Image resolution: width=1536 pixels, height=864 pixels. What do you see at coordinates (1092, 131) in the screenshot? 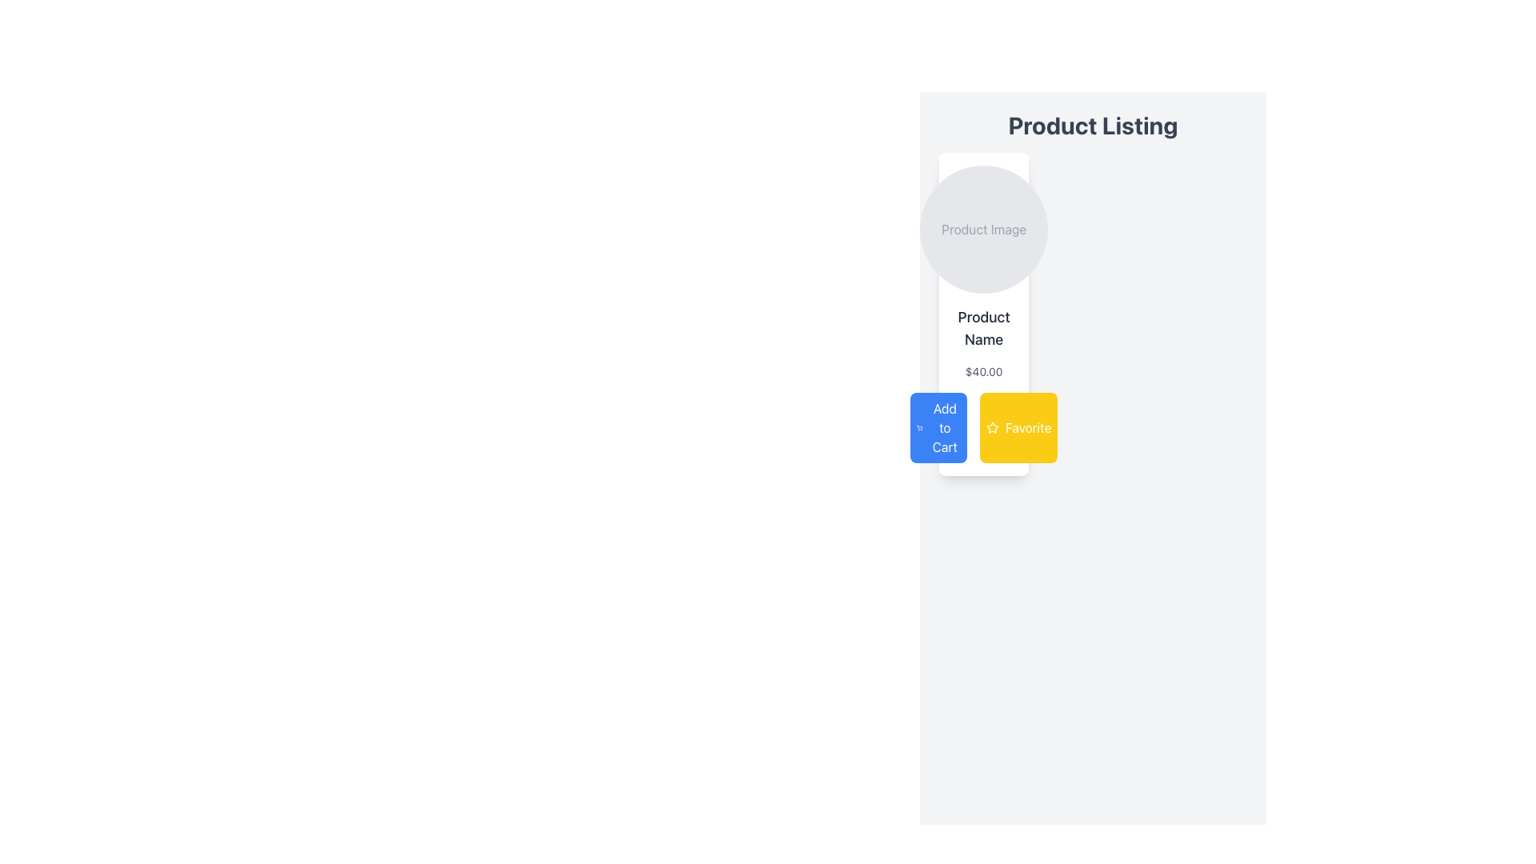
I see `the 'Product Listing' text header, which is styled with bold, large dark gray text and located at the top of the panel` at bounding box center [1092, 131].